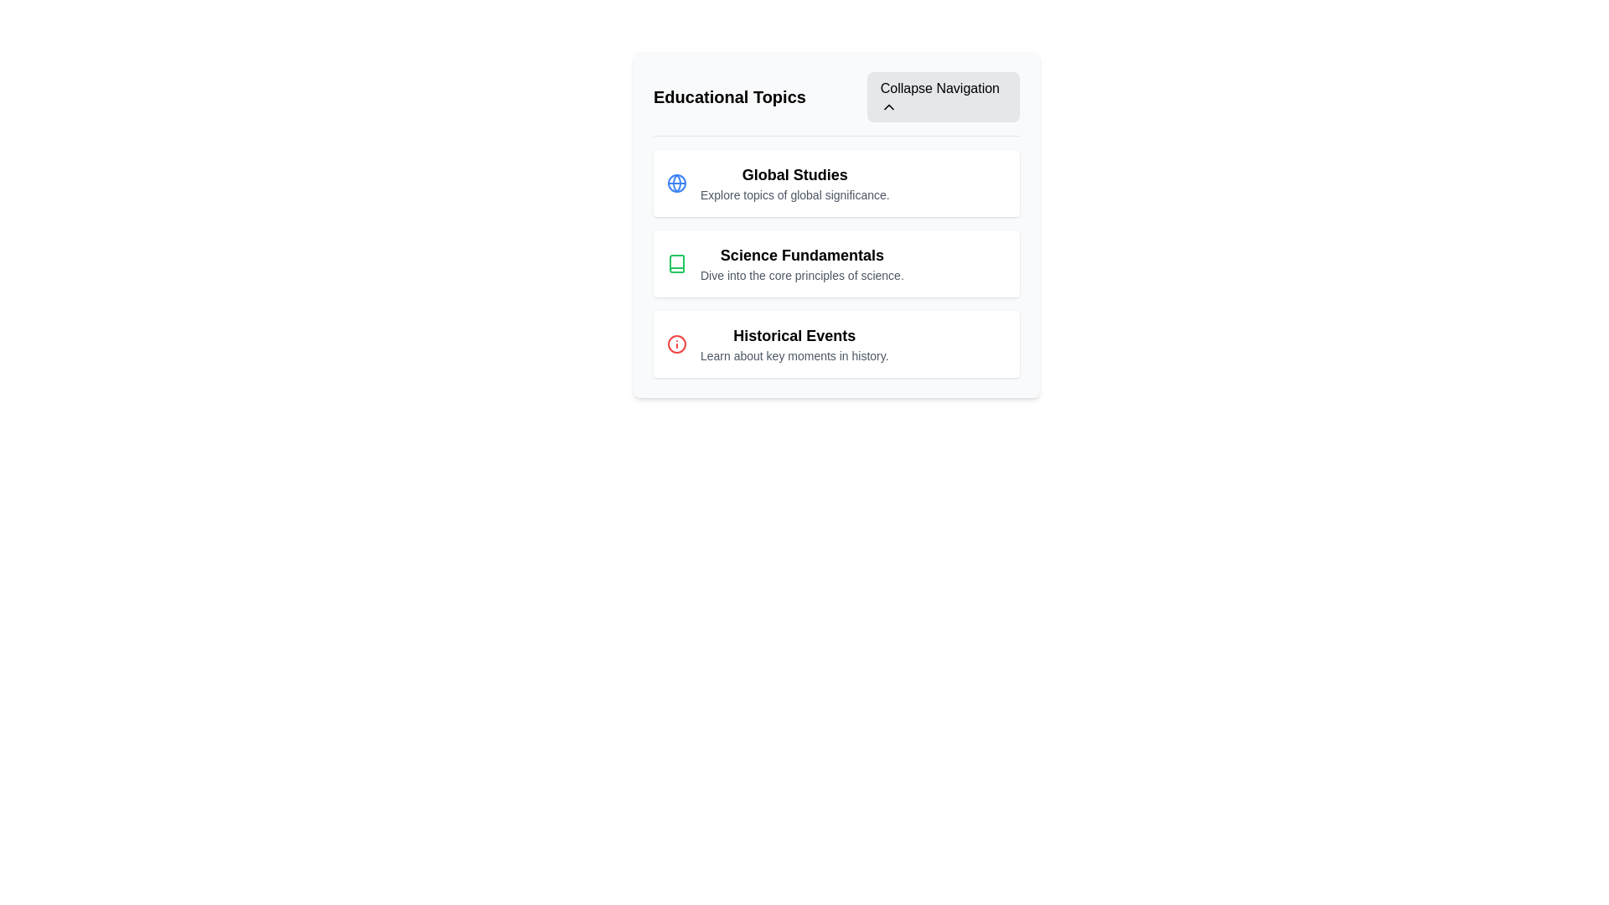 The height and width of the screenshot is (905, 1609). What do you see at coordinates (794, 354) in the screenshot?
I see `the text label that provides a brief, descriptive subtitle under the 'Historical Events' title in the educational topics list` at bounding box center [794, 354].